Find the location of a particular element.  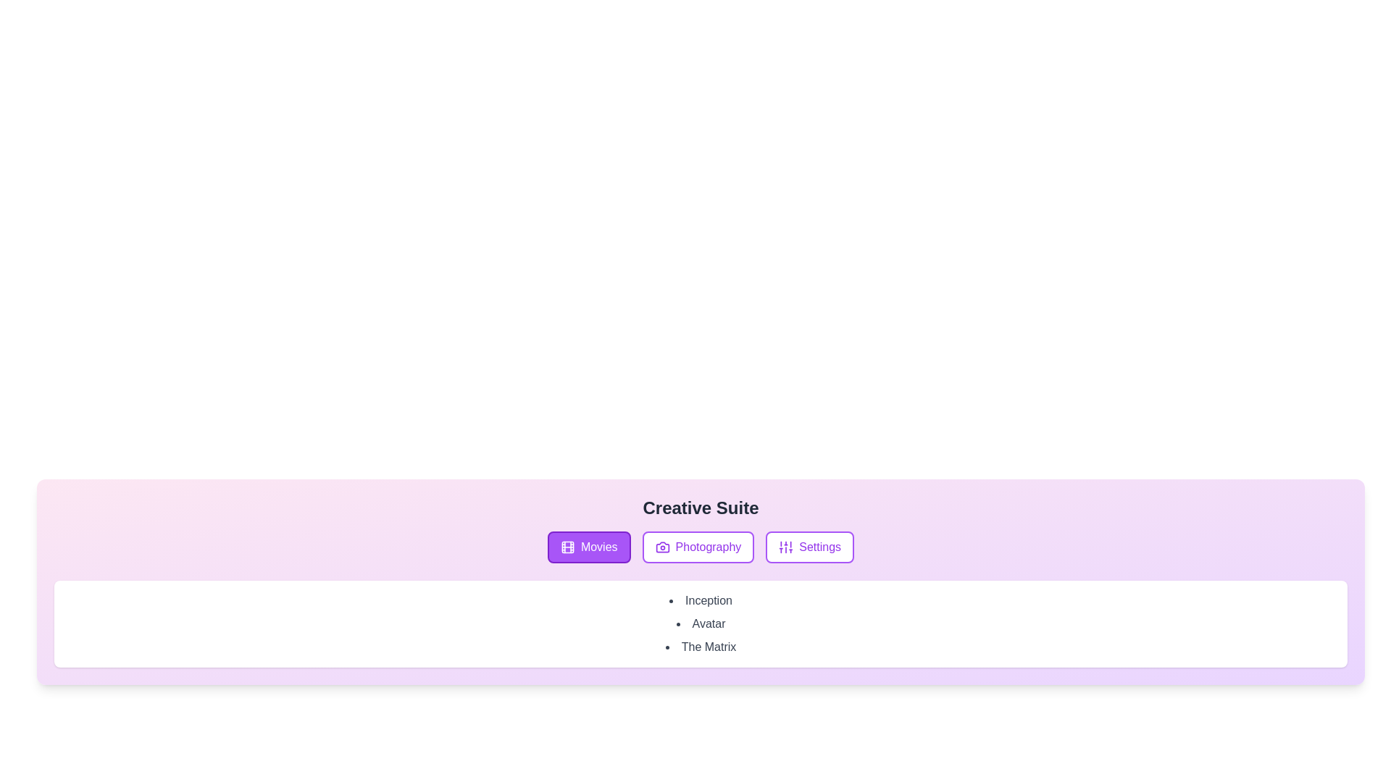

static text label displaying the title 'Inception', which is the first item in a vertical bullet list under the 'Creative Suite' section is located at coordinates (701, 600).